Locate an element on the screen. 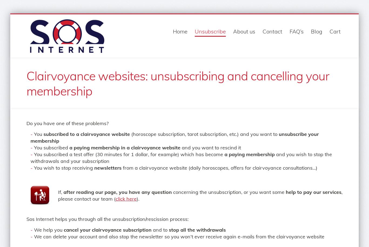 The image size is (369, 247). '(horoscope subscription, tarot subscription, etc.) and you want to' is located at coordinates (204, 134).